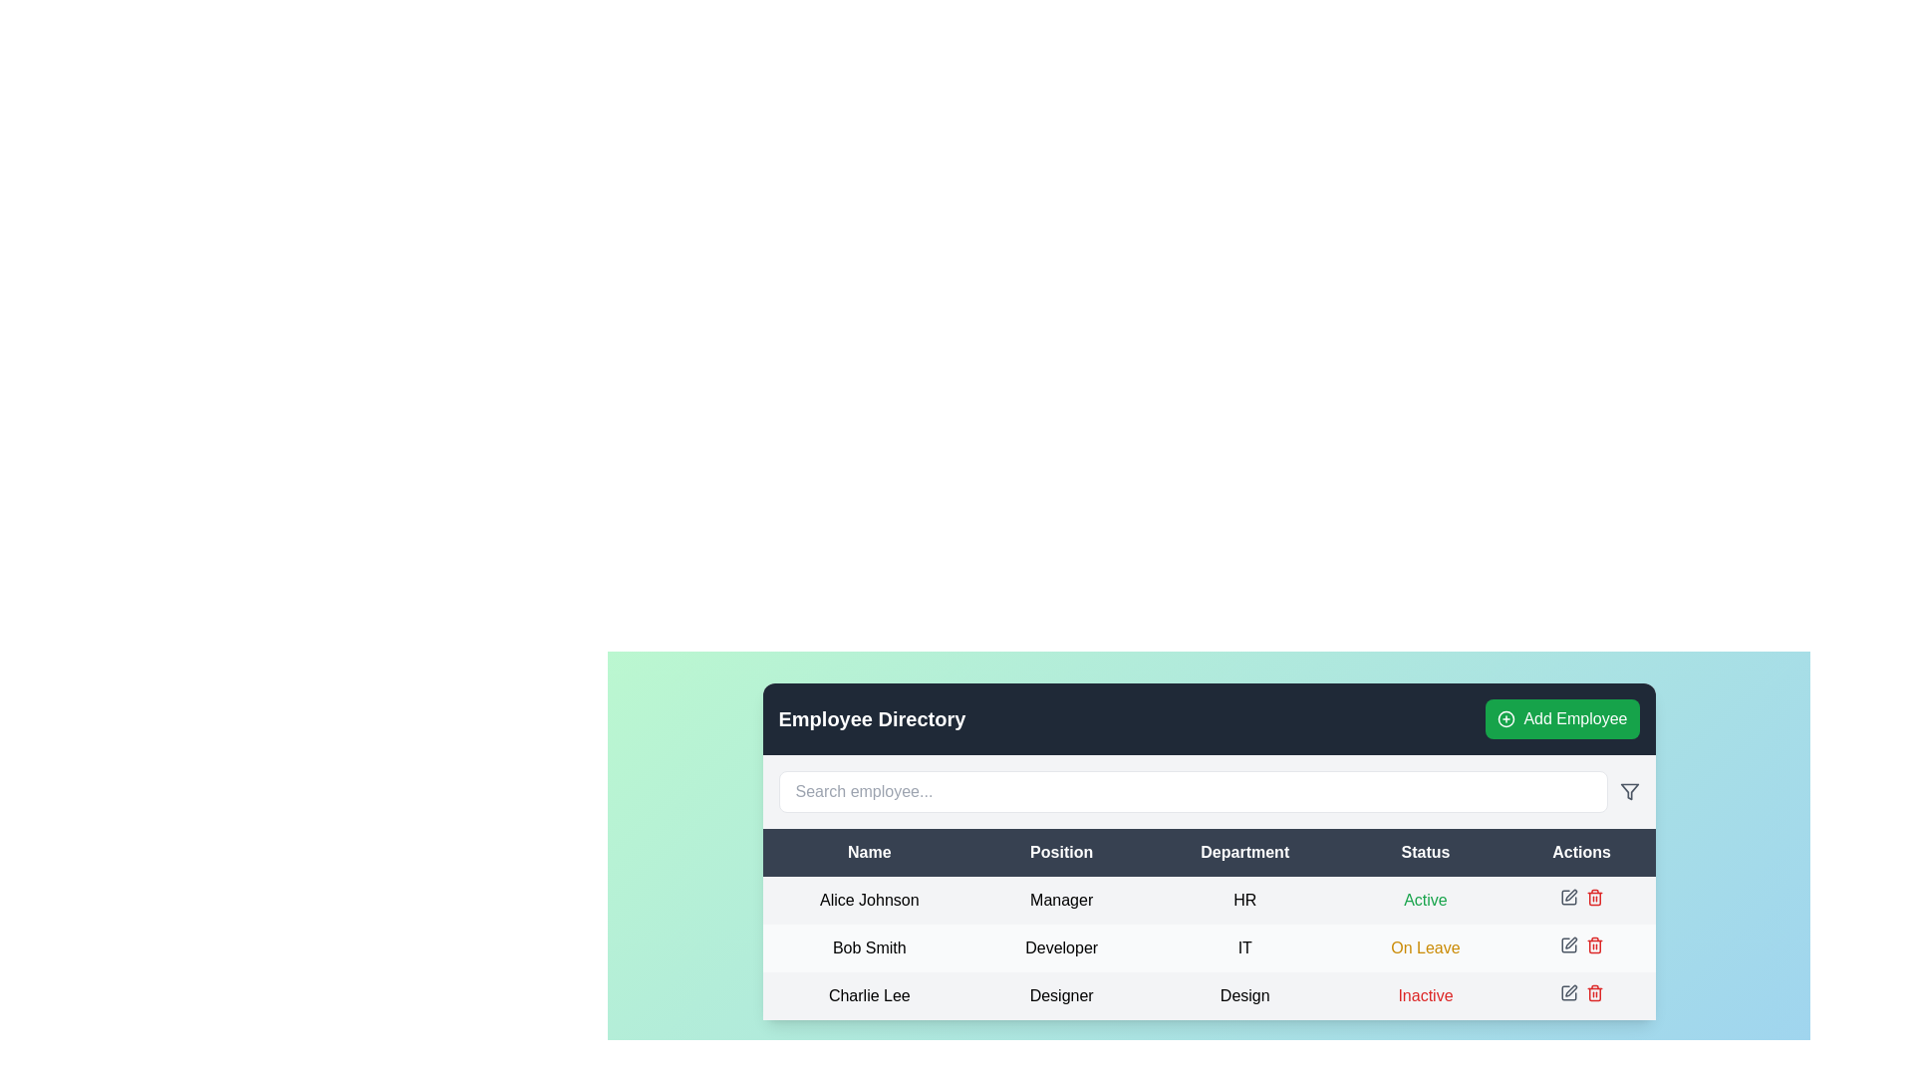  I want to click on the circular icon within the 'Add Employee' button located in the top-right corner of the employee directory box, so click(1506, 718).